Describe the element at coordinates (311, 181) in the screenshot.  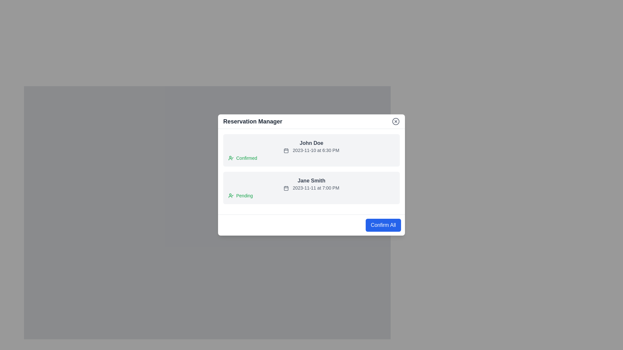
I see `text content of the Text label presenting the name of the reservation holder, located in the second entry of the reservation list` at that location.